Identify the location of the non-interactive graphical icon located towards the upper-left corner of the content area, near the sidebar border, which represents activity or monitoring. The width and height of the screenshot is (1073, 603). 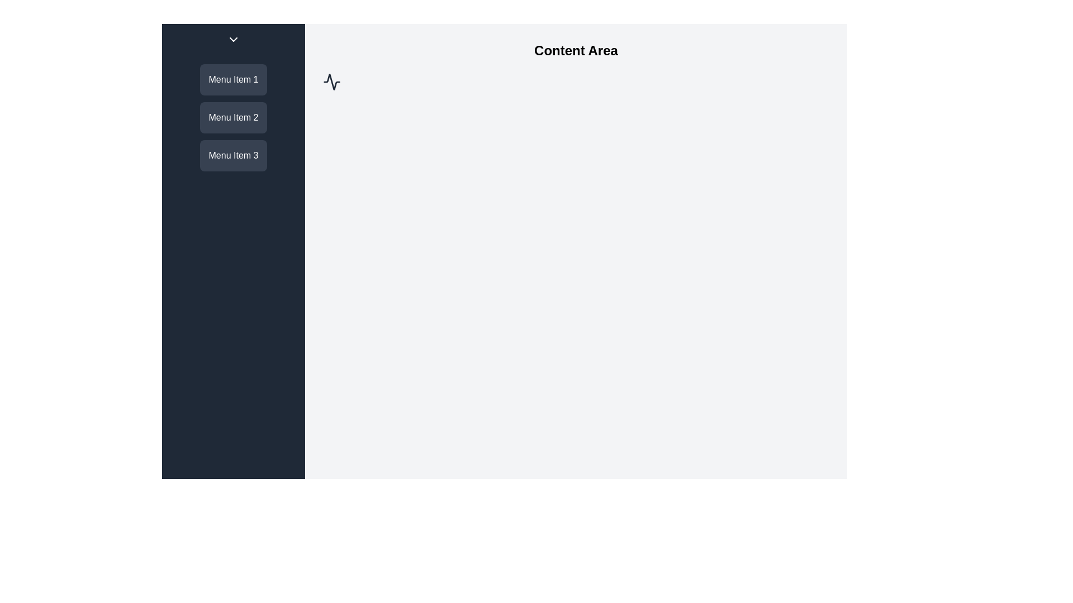
(331, 81).